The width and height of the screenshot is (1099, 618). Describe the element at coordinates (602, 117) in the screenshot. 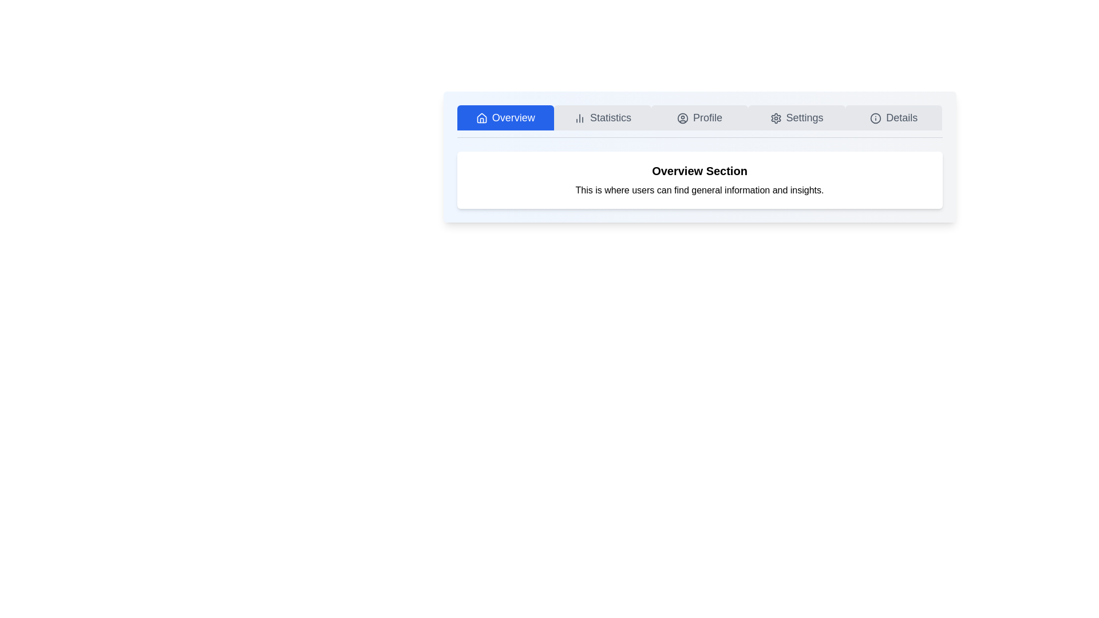

I see `the 'Statistics' tab button in the navigation bar` at that location.